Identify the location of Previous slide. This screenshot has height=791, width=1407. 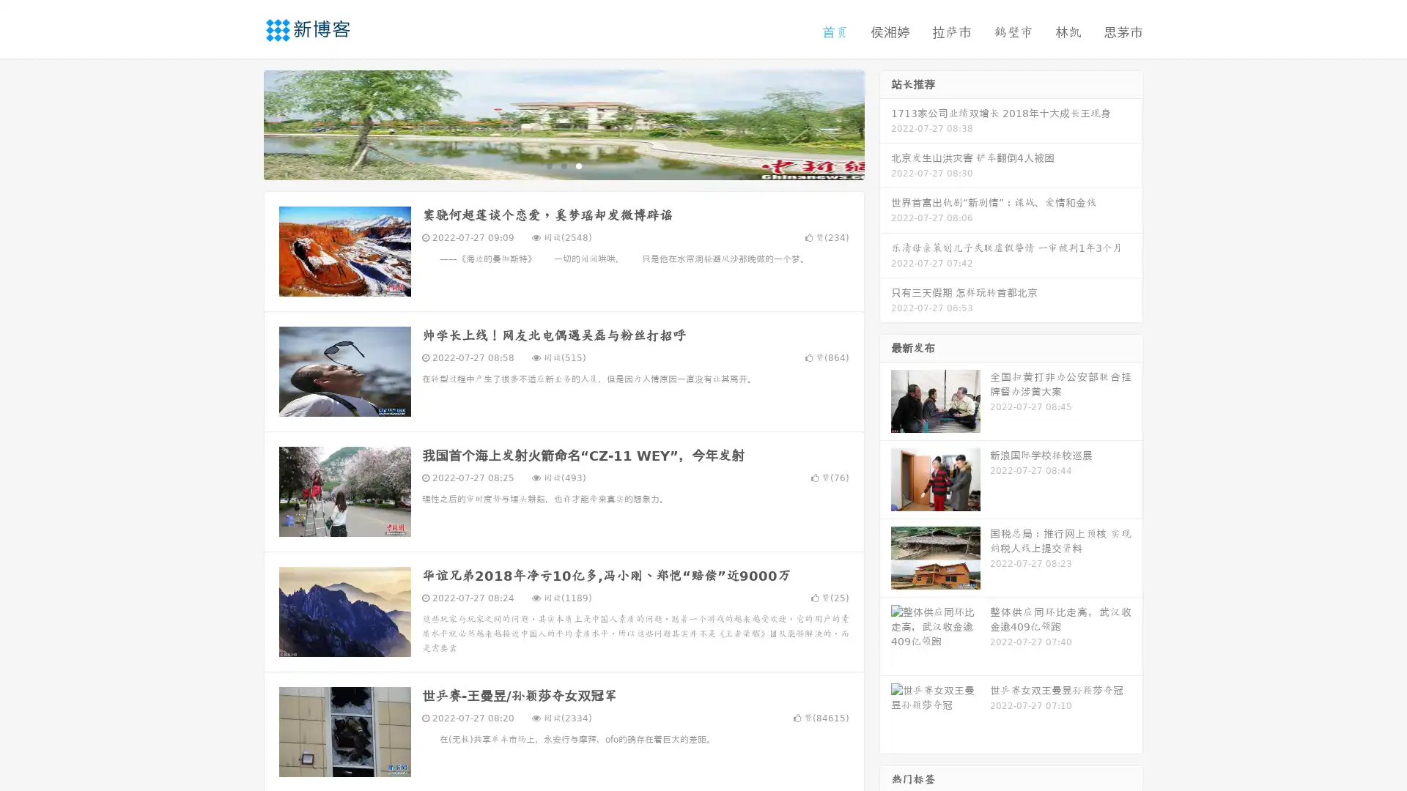
(242, 123).